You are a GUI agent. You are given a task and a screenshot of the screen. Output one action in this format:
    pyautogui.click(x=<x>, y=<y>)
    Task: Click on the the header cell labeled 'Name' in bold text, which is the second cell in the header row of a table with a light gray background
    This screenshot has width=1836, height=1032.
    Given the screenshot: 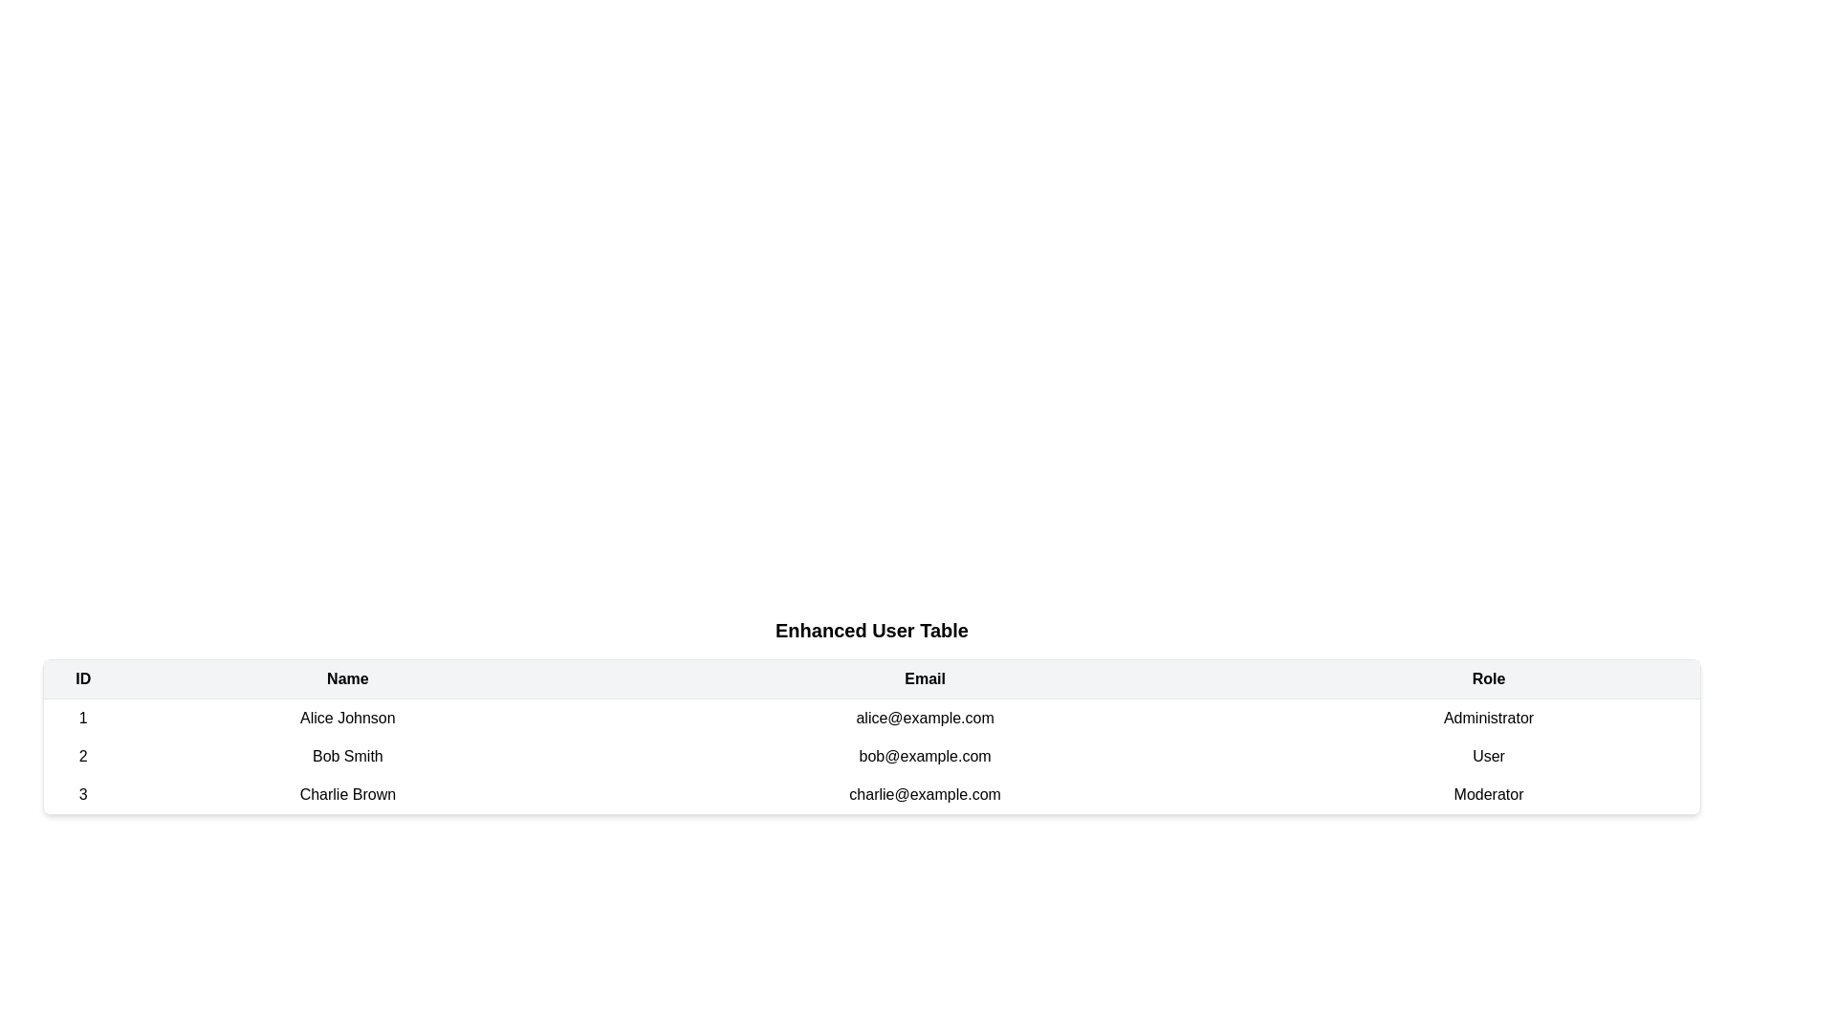 What is the action you would take?
    pyautogui.click(x=347, y=678)
    